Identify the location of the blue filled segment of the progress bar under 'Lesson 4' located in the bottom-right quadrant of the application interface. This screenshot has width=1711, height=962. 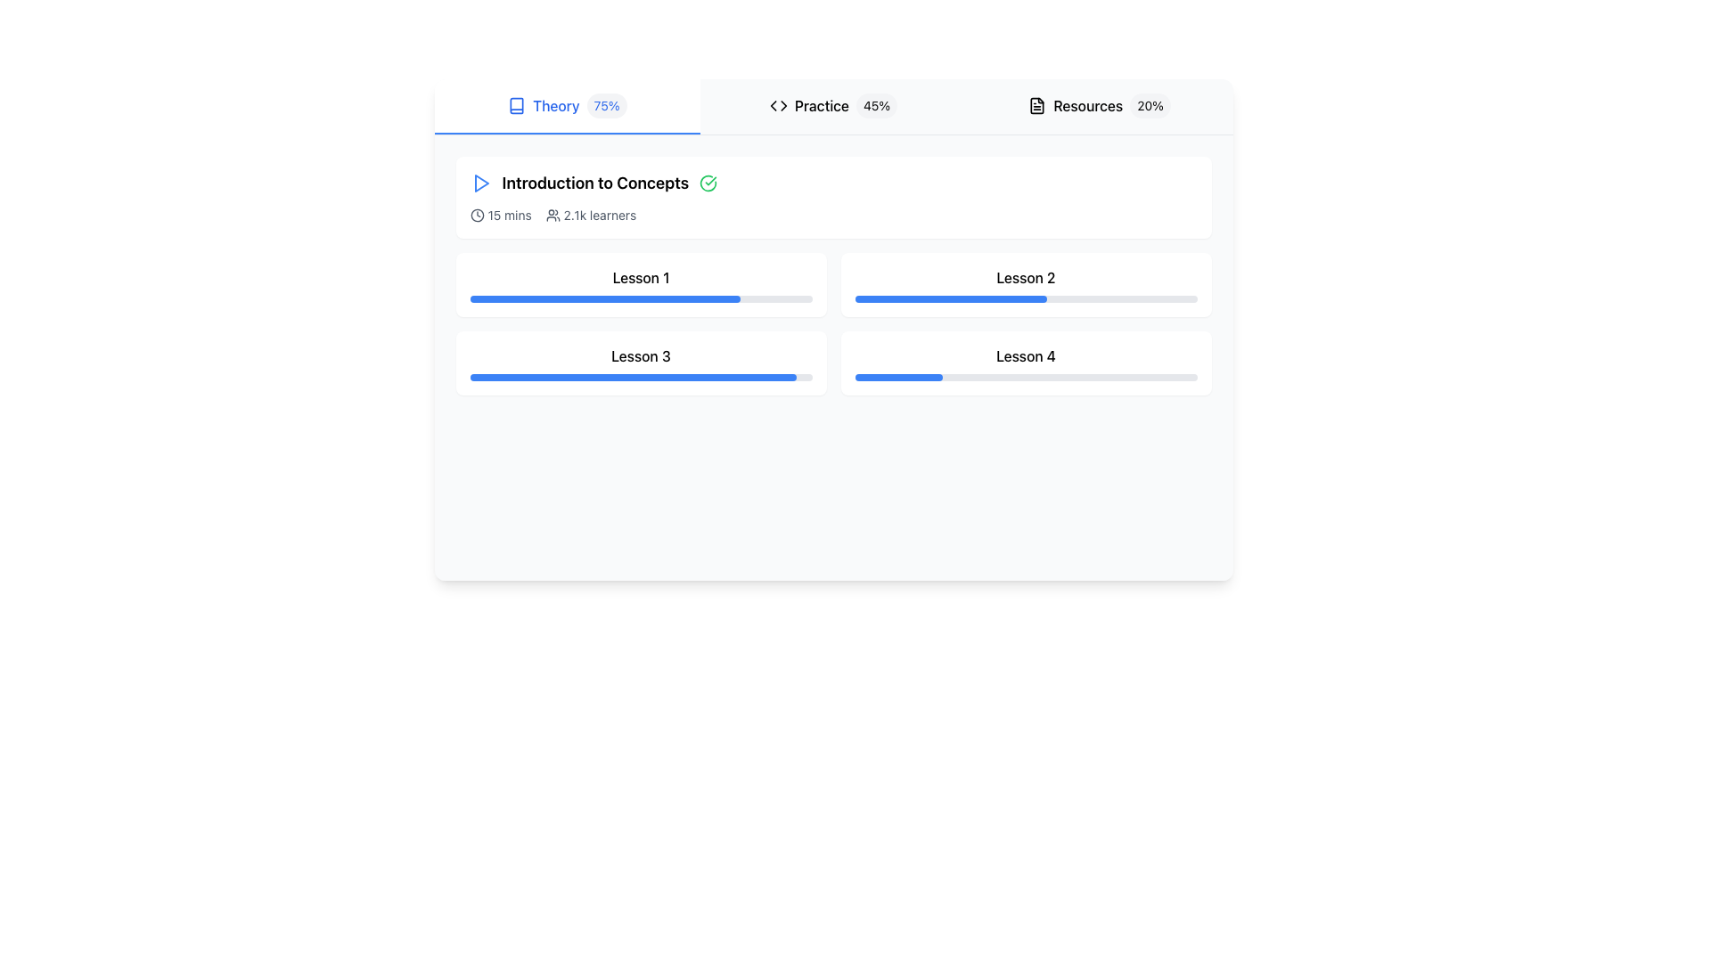
(898, 377).